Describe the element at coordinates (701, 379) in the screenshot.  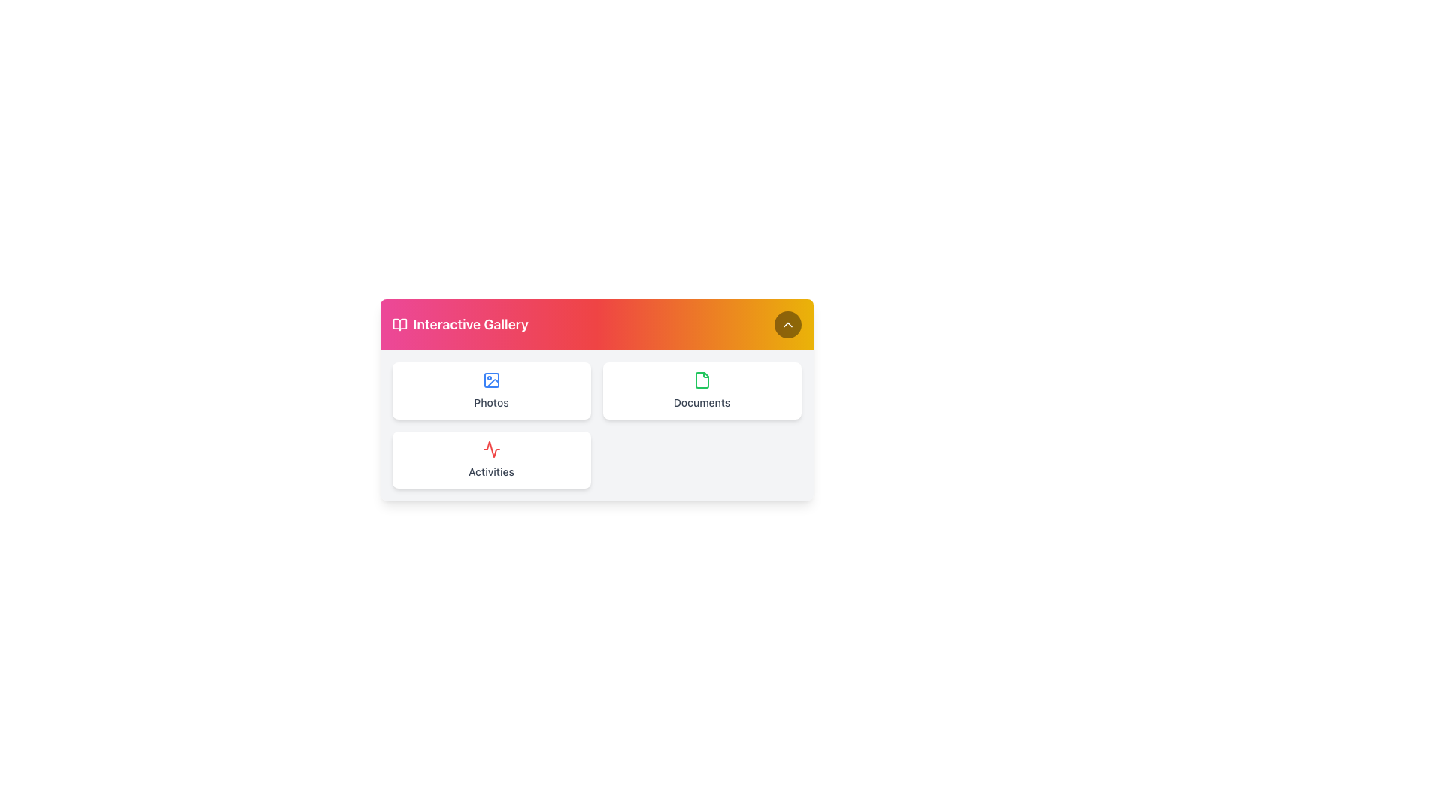
I see `the 'Documents' icon, which is the topmost icon in the 'Documents' section located in the second column of the grid layout` at that location.